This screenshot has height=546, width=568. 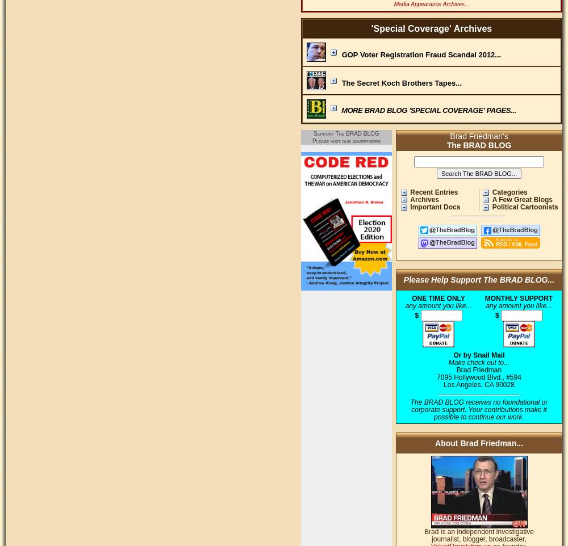 What do you see at coordinates (478, 145) in the screenshot?
I see `'The BRAD BLOG'` at bounding box center [478, 145].